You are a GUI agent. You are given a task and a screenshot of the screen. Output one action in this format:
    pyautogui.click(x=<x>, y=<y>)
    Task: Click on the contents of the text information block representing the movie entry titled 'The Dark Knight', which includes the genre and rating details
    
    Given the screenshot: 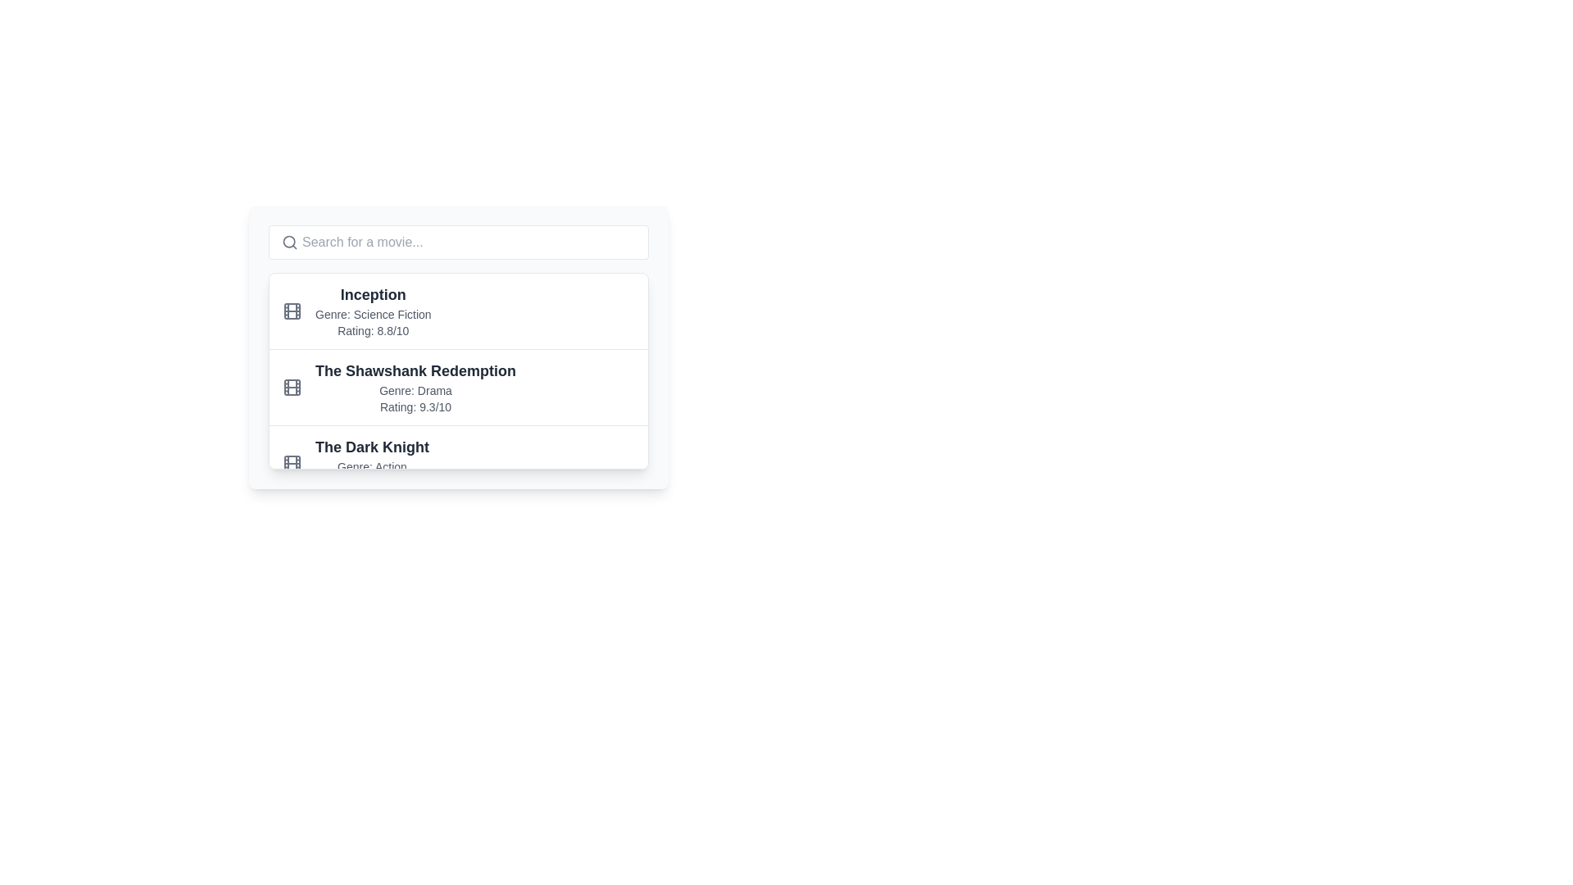 What is the action you would take?
    pyautogui.click(x=371, y=464)
    